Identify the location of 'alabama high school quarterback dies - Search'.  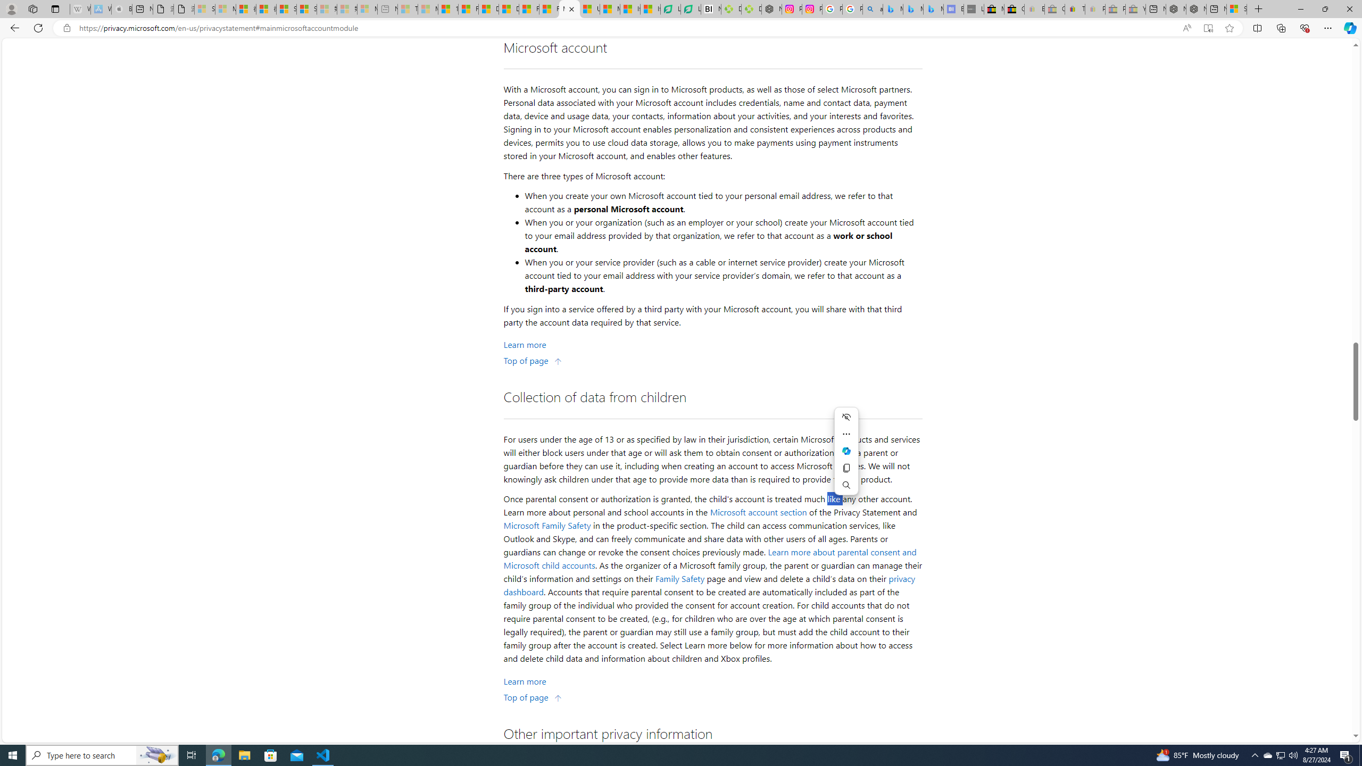
(872, 9).